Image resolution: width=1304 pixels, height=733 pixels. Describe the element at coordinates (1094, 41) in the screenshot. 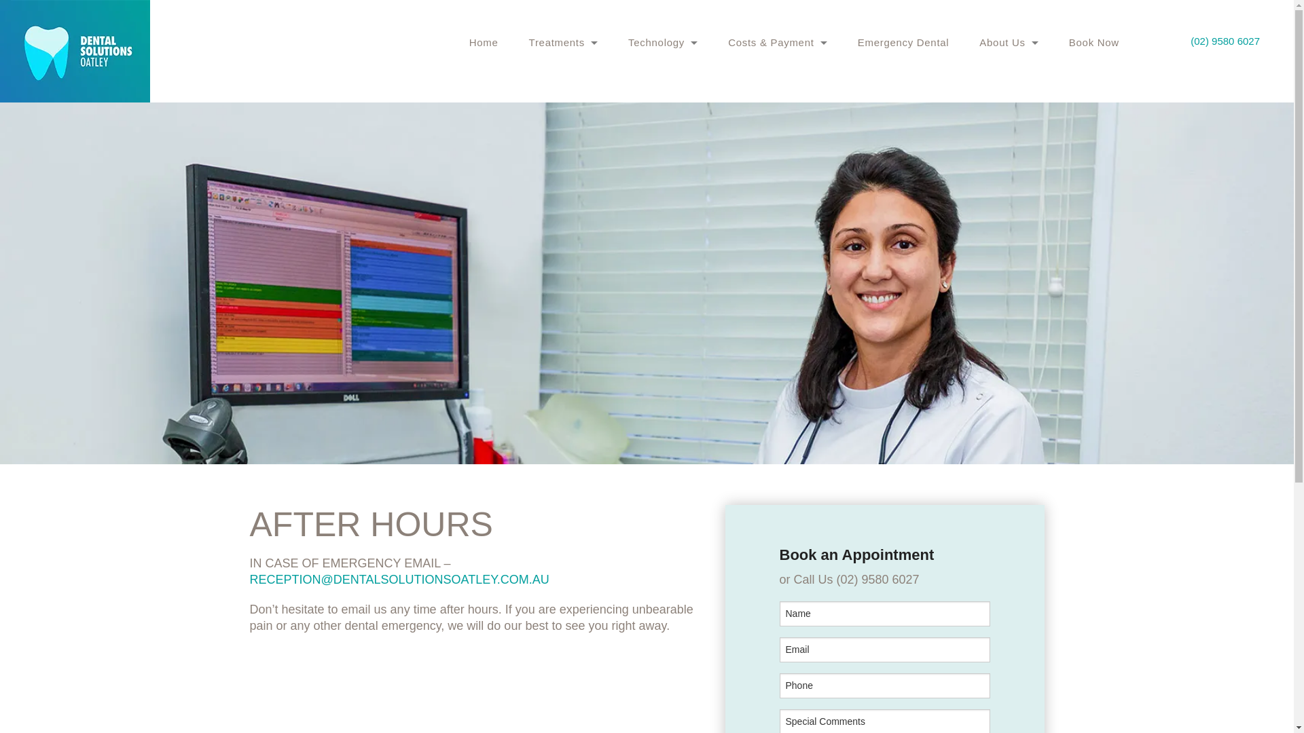

I see `'Book Now'` at that location.